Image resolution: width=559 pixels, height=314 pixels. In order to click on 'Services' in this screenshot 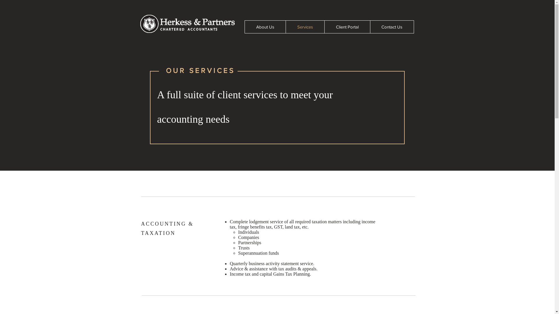, I will do `click(304, 27)`.